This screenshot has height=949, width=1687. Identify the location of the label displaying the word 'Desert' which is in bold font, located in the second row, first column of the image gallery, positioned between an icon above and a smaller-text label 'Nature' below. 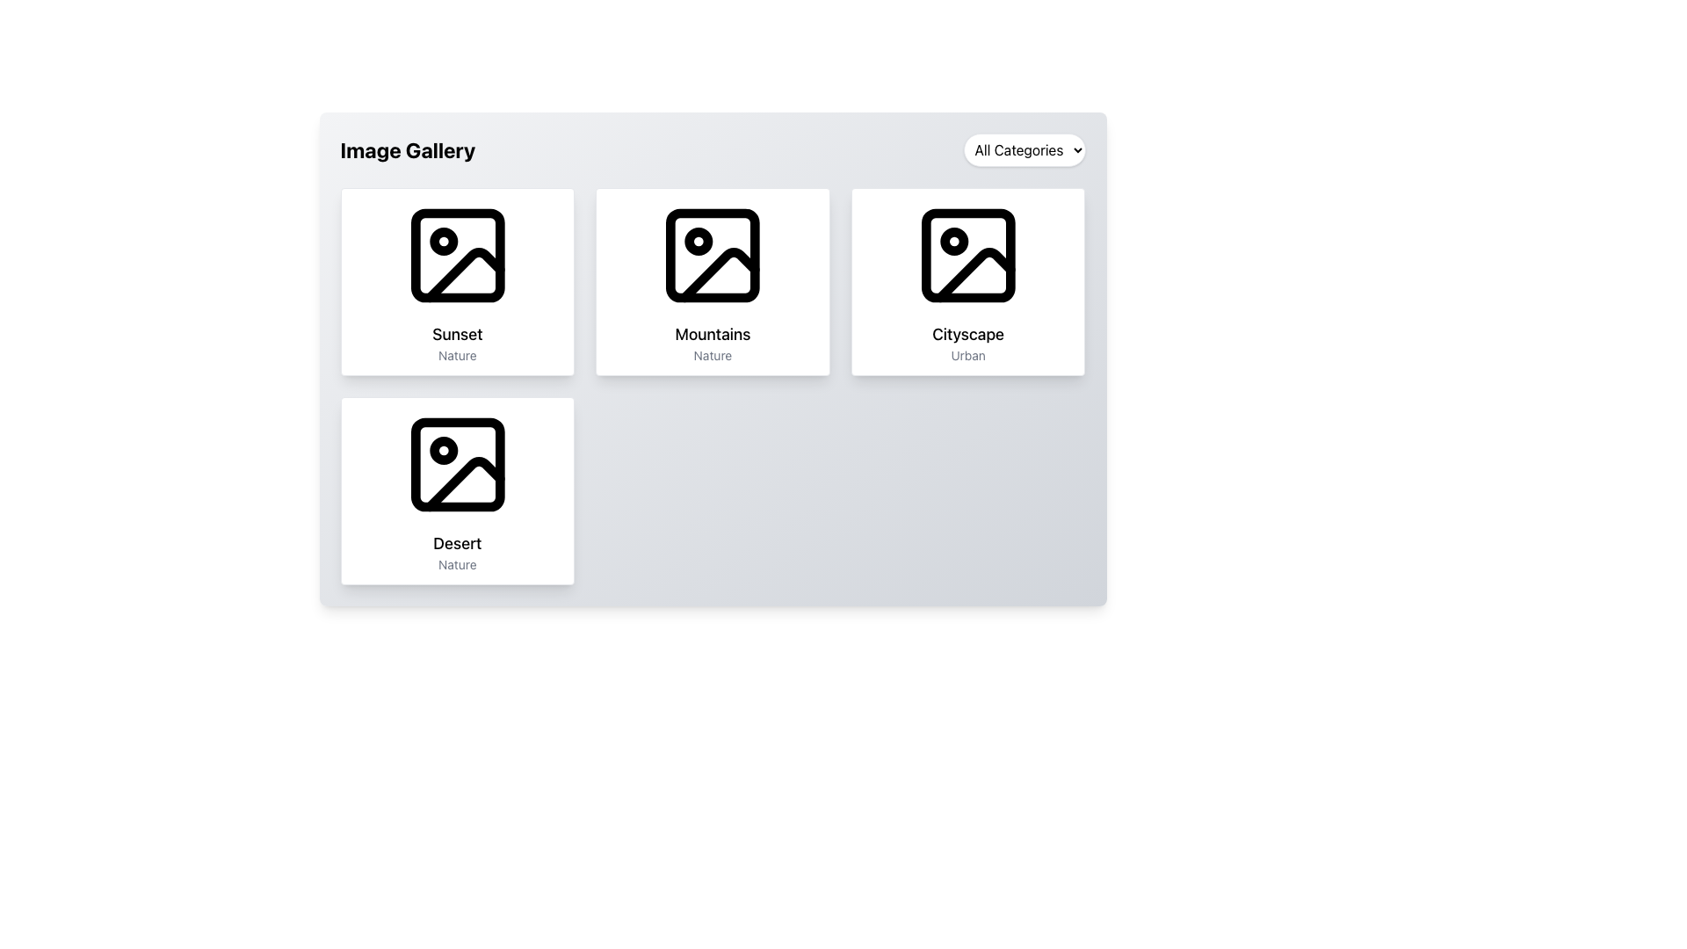
(457, 542).